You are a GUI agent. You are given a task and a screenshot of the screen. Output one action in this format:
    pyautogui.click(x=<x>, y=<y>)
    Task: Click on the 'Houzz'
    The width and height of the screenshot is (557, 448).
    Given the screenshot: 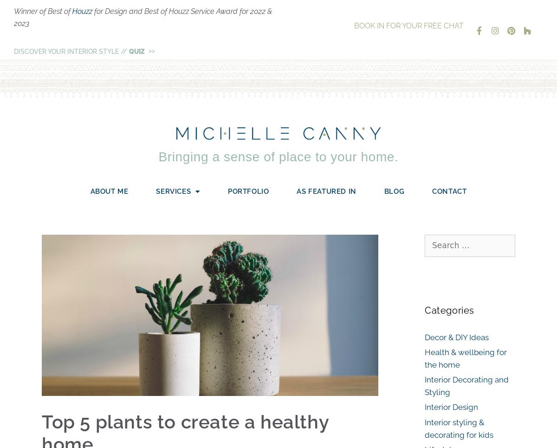 What is the action you would take?
    pyautogui.click(x=82, y=11)
    